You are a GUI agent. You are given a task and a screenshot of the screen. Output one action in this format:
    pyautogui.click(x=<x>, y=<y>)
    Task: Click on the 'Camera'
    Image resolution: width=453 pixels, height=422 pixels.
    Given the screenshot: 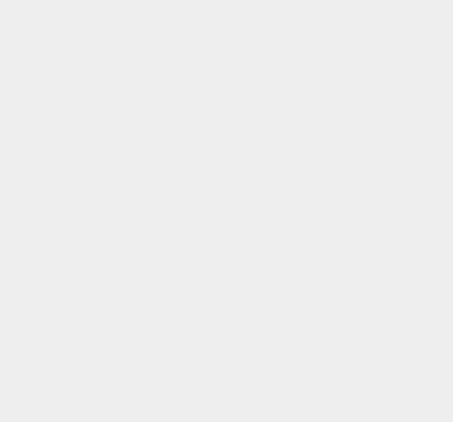 What is the action you would take?
    pyautogui.click(x=329, y=50)
    